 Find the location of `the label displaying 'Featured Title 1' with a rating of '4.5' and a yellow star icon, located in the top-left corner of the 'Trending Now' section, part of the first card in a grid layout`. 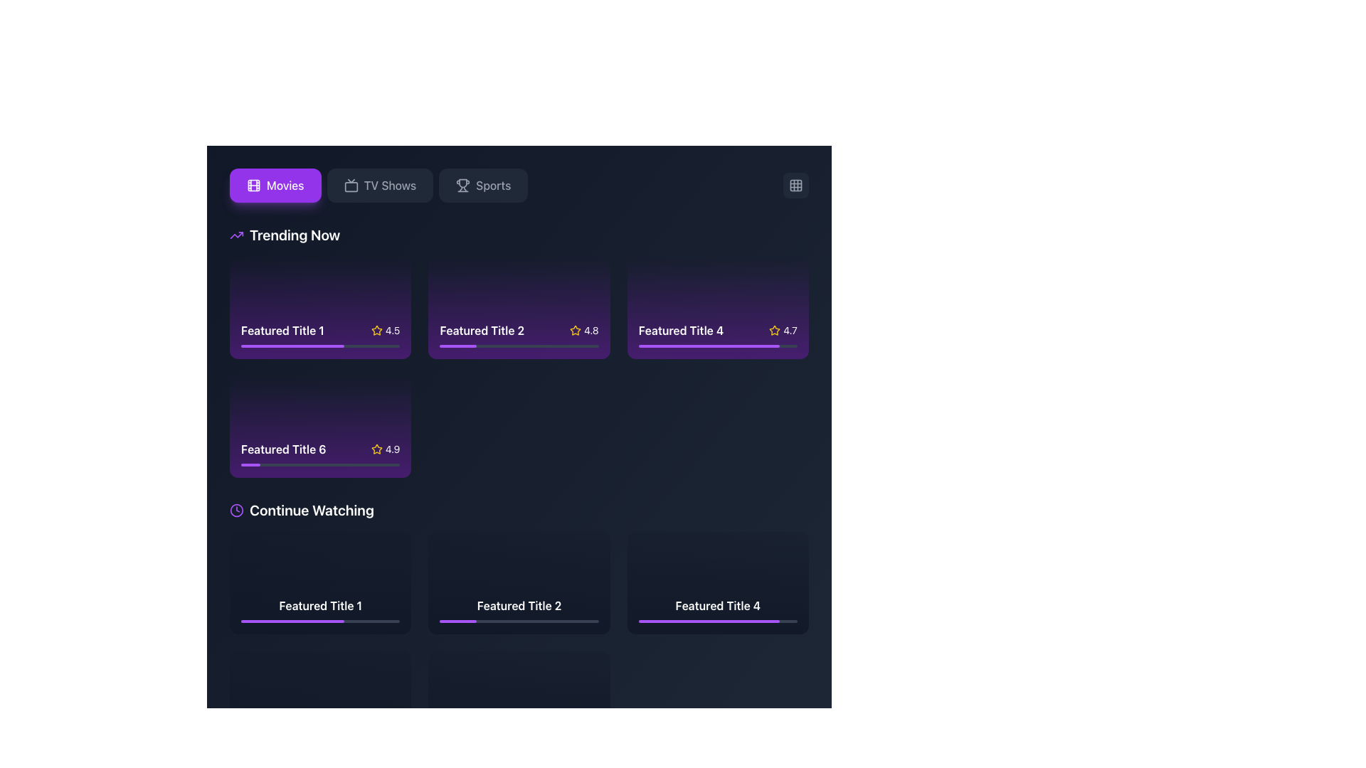

the label displaying 'Featured Title 1' with a rating of '4.5' and a yellow star icon, located in the top-left corner of the 'Trending Now' section, part of the first card in a grid layout is located at coordinates (319, 330).